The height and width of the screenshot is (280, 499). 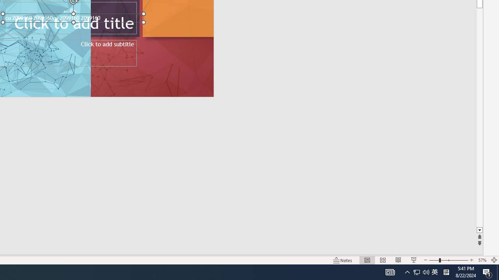 I want to click on 'Zoom 57%', so click(x=482, y=260).